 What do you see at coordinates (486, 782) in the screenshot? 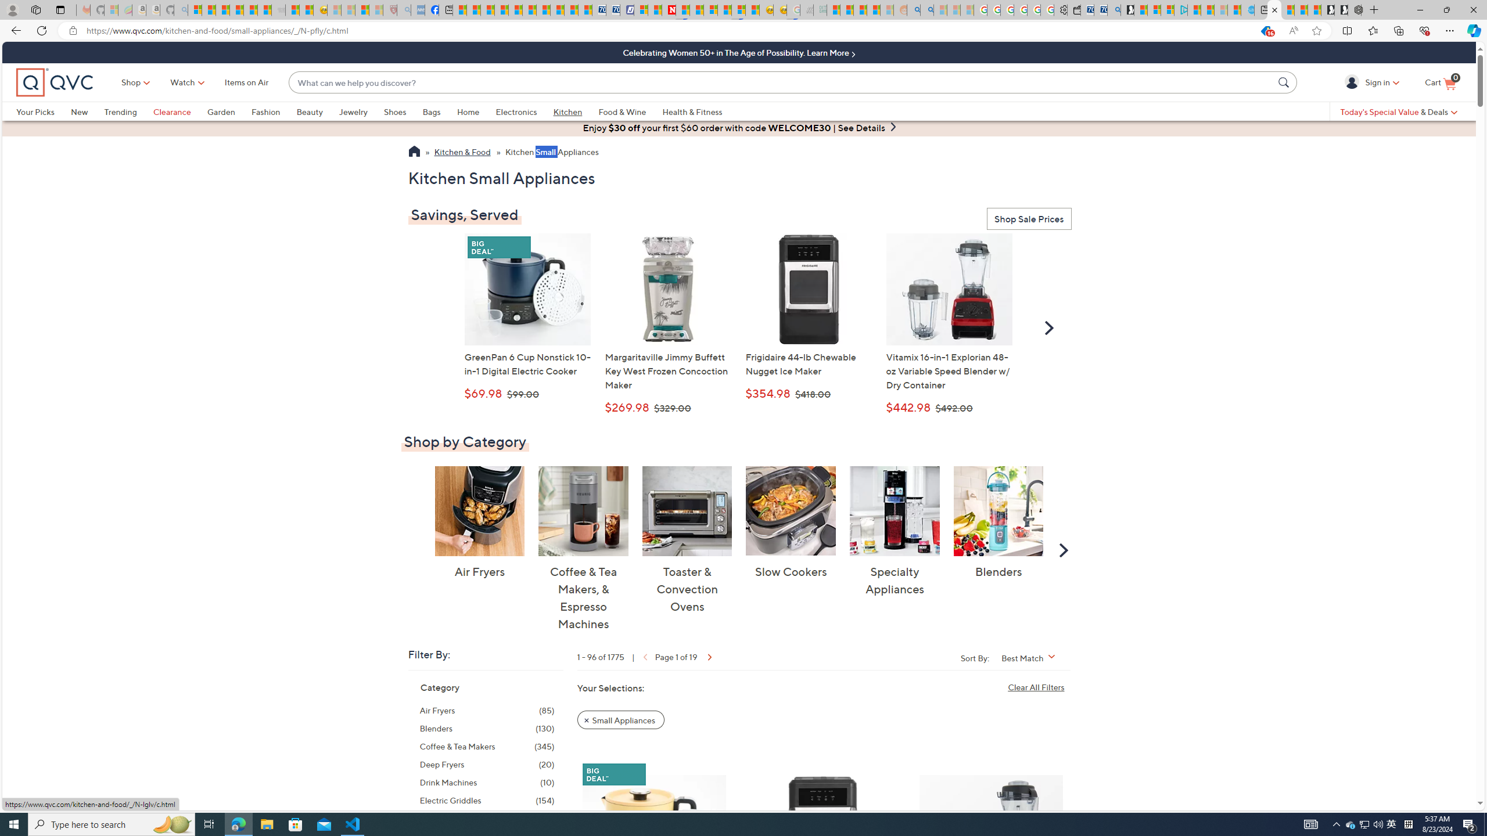
I see `'Drink Machines, 10 items'` at bounding box center [486, 782].